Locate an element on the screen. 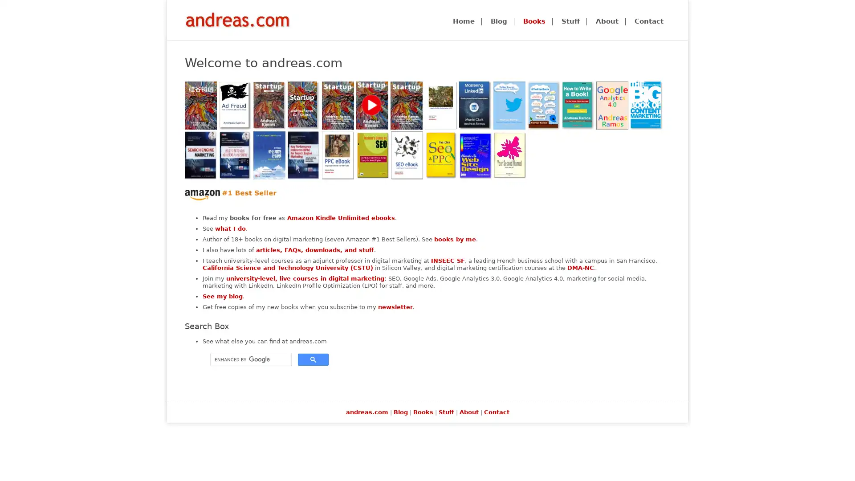  search is located at coordinates (313, 359).